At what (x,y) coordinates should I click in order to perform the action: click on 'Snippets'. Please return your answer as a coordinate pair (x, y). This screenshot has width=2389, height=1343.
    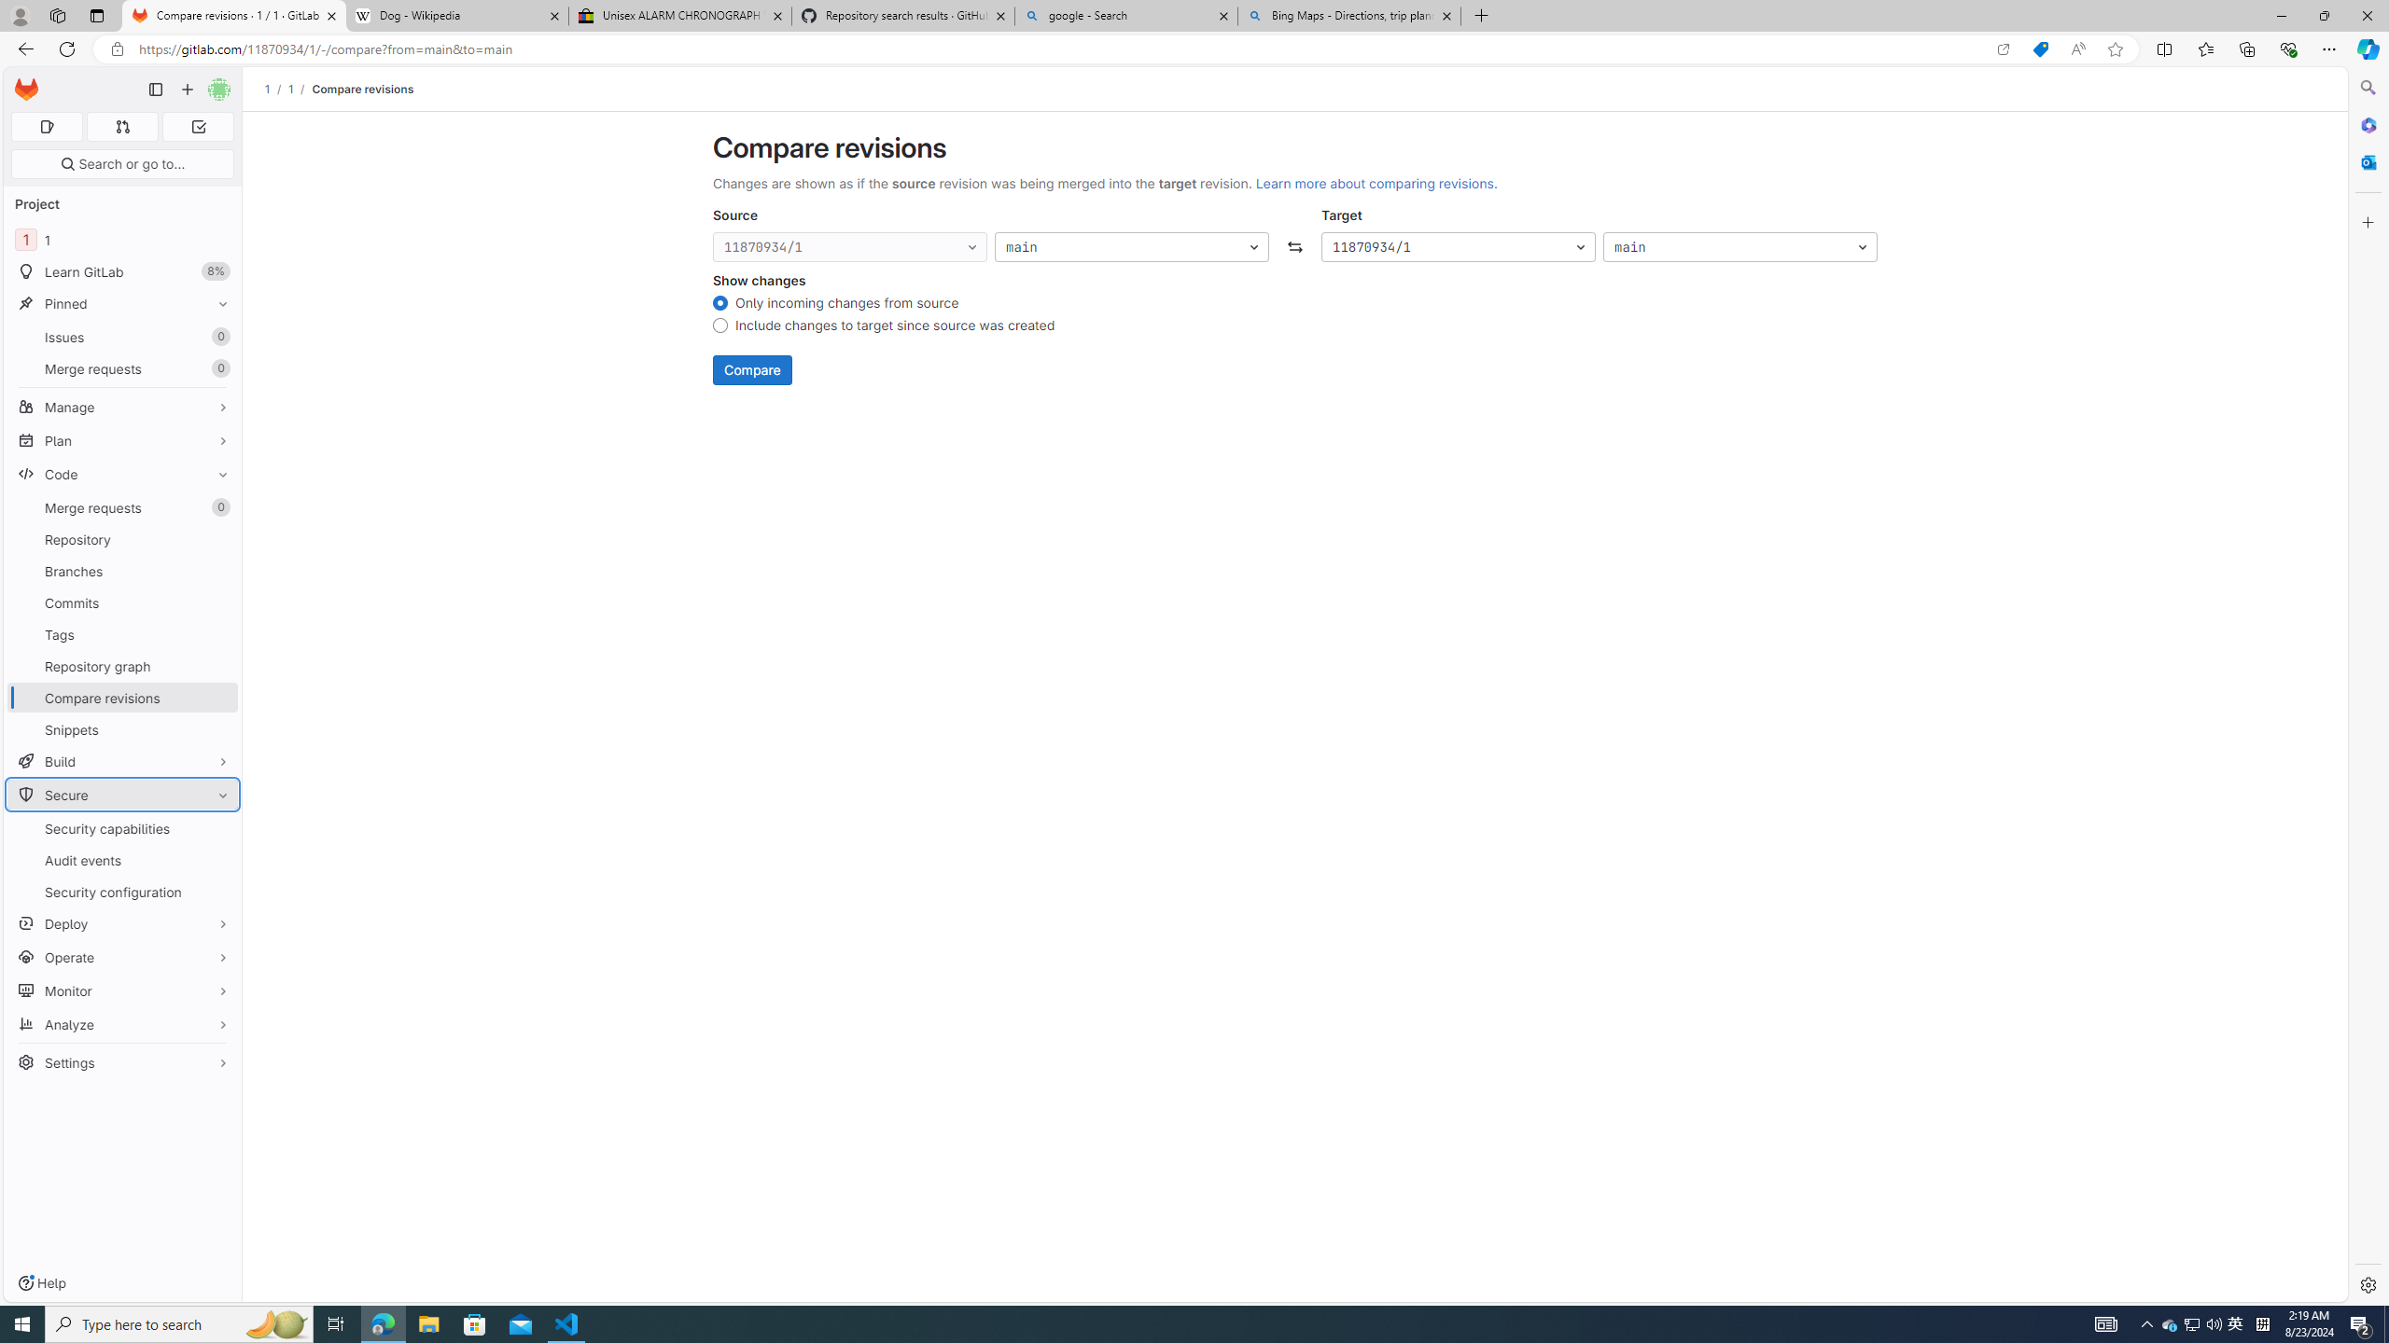
    Looking at the image, I should click on (121, 728).